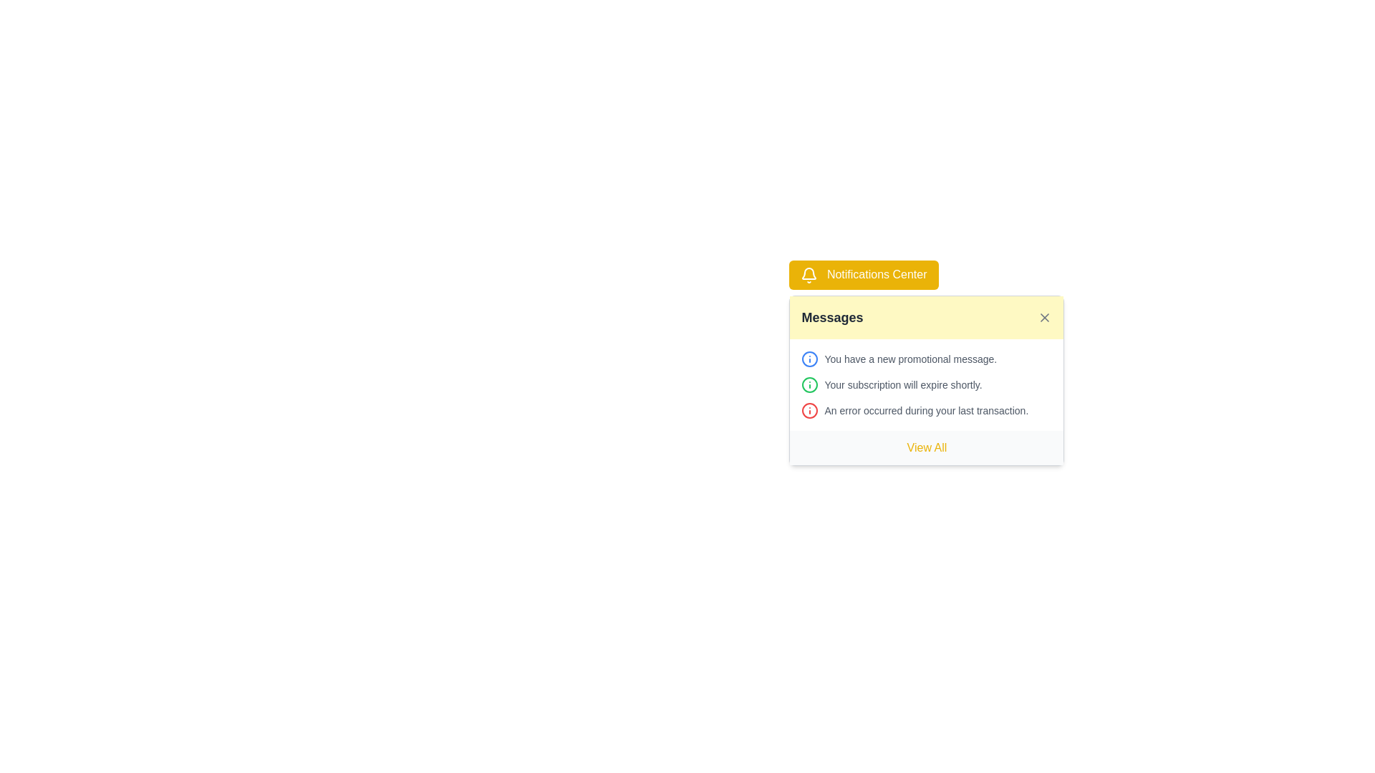 The width and height of the screenshot is (1375, 773). Describe the element at coordinates (809, 275) in the screenshot. I see `the bell icon located to the left of the 'Notifications Center' button, which features a minimalist design and is rendered in a contrasting color against a yellow background` at that location.